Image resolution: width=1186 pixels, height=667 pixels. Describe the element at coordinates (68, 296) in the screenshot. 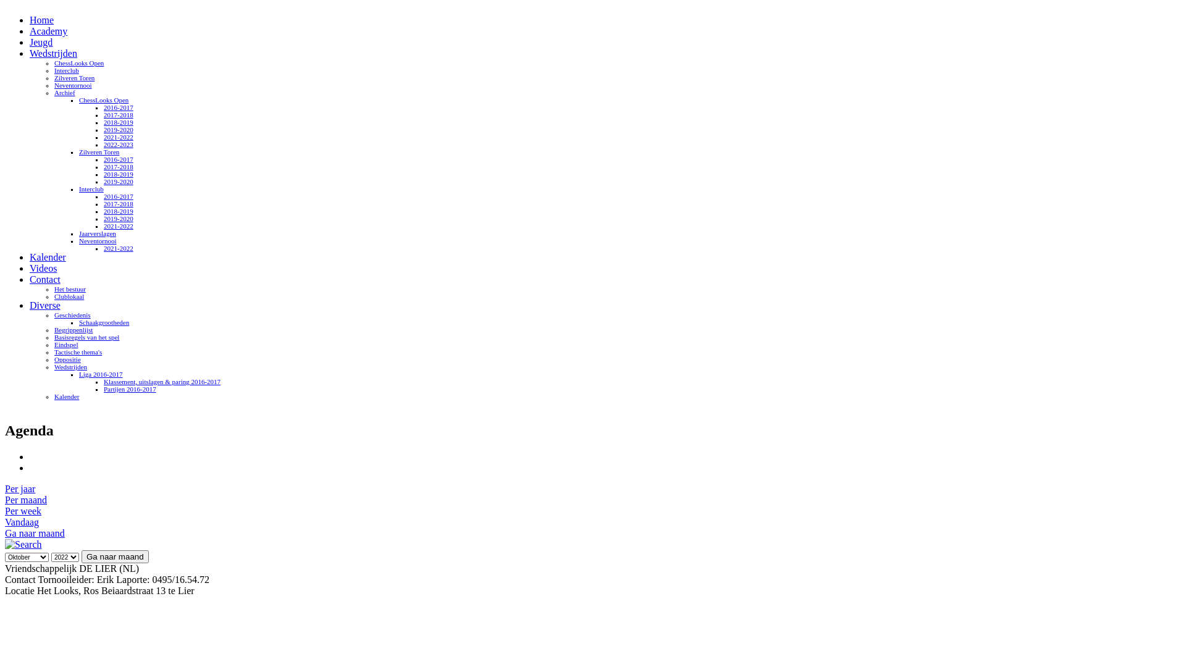

I see `'Clublokaal'` at that location.